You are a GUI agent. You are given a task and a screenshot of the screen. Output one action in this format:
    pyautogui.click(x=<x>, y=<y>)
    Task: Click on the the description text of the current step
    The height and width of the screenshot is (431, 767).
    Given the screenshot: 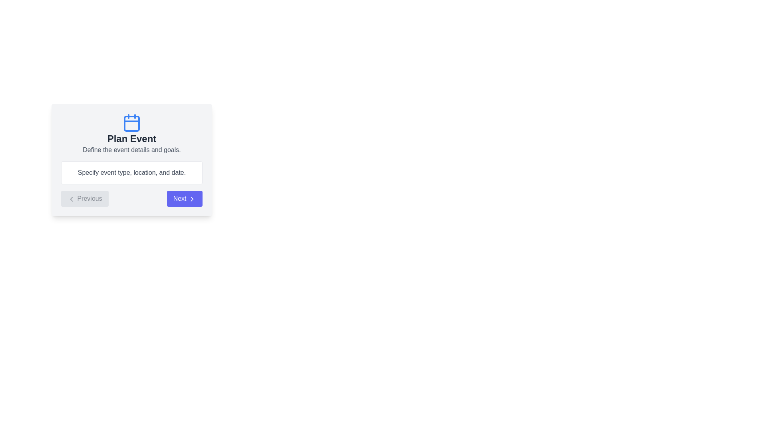 What is the action you would take?
    pyautogui.click(x=132, y=150)
    